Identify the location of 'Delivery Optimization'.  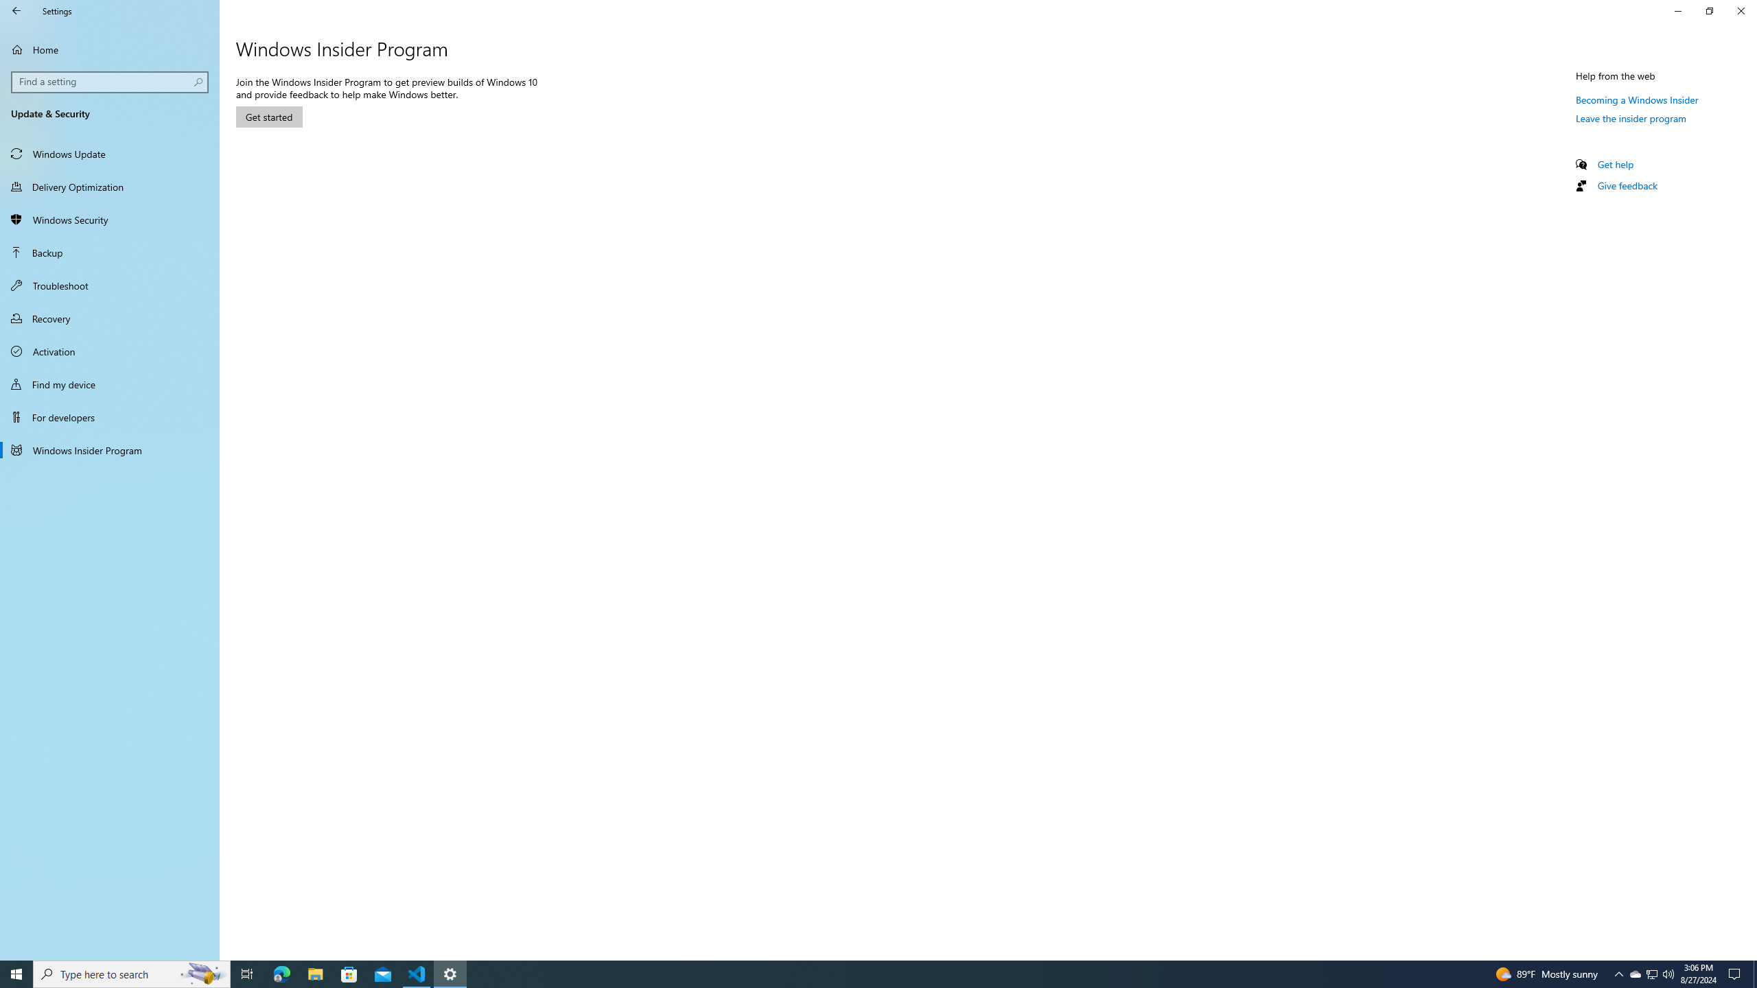
(109, 186).